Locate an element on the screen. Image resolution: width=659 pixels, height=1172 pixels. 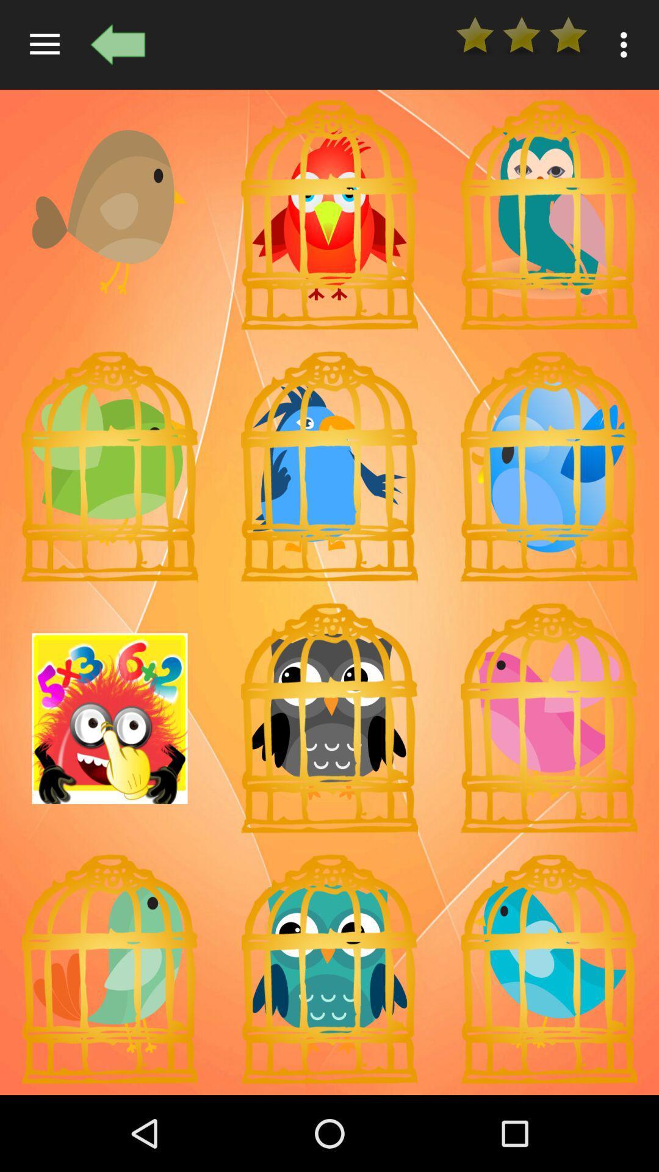
choose your choice is located at coordinates (548, 969).